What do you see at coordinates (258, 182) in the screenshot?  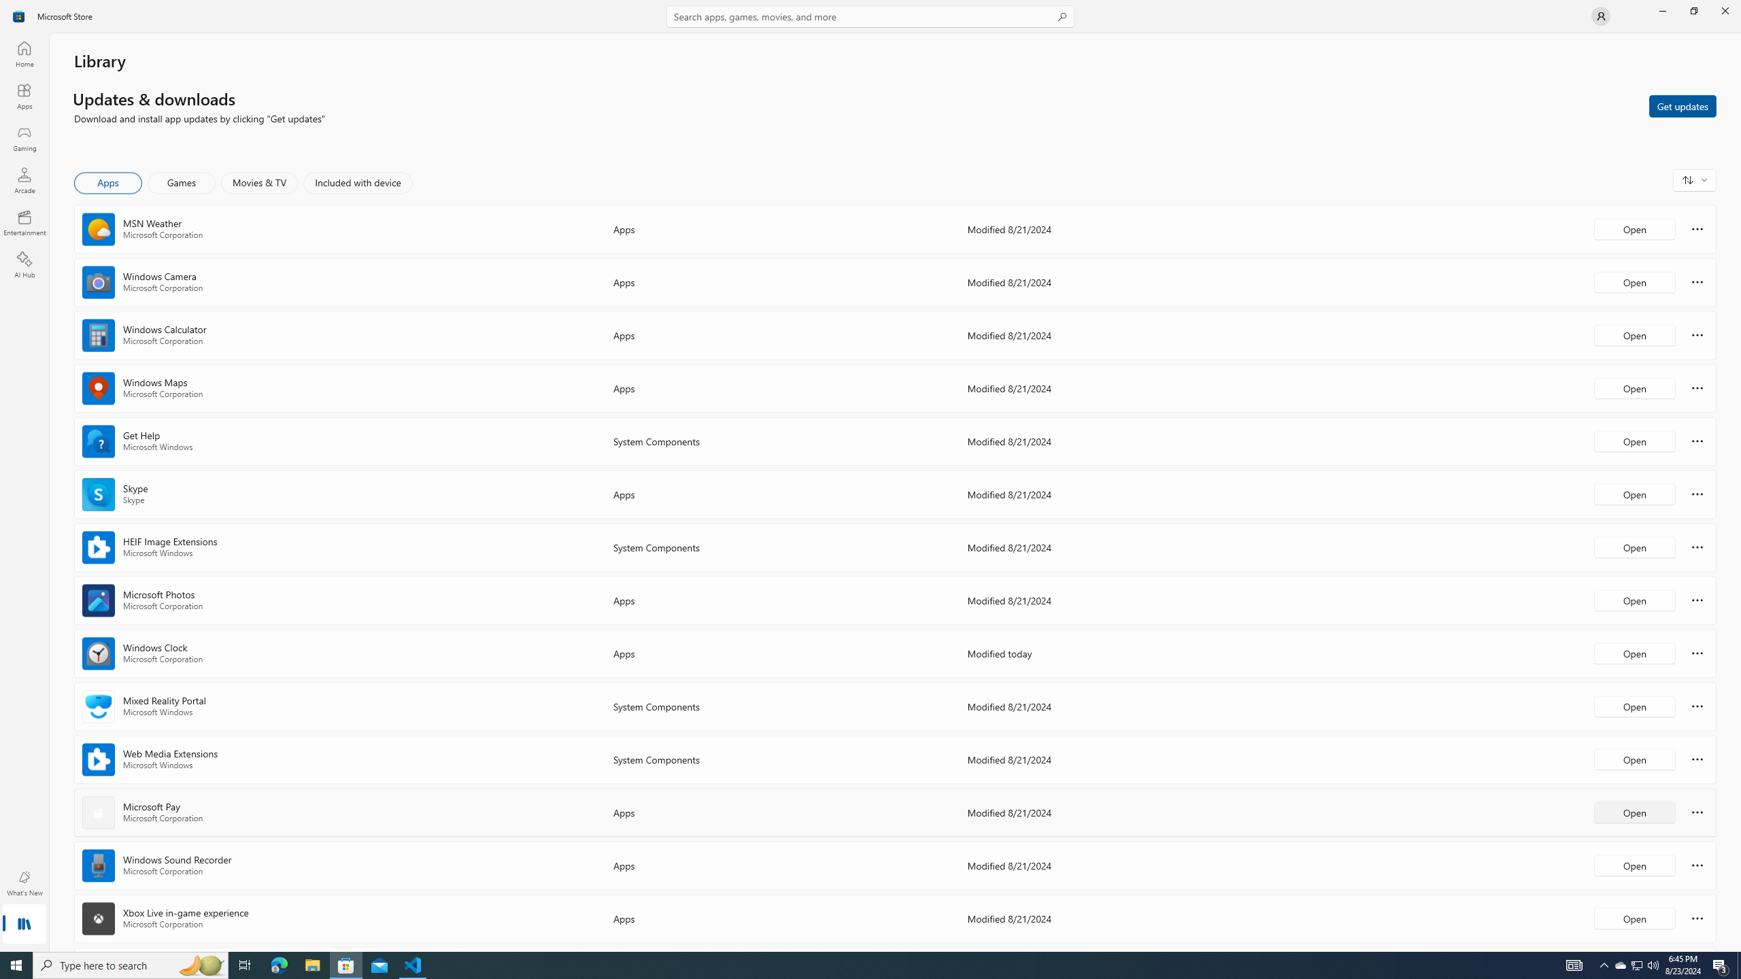 I see `'Movies & TV'` at bounding box center [258, 182].